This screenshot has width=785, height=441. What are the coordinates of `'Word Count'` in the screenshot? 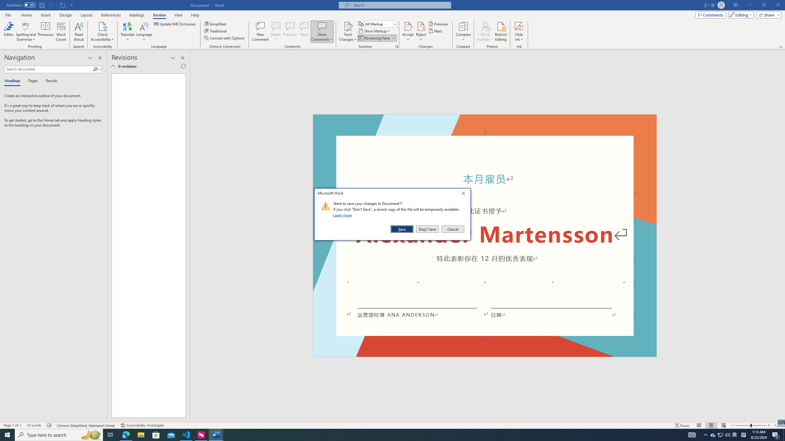 It's located at (61, 32).